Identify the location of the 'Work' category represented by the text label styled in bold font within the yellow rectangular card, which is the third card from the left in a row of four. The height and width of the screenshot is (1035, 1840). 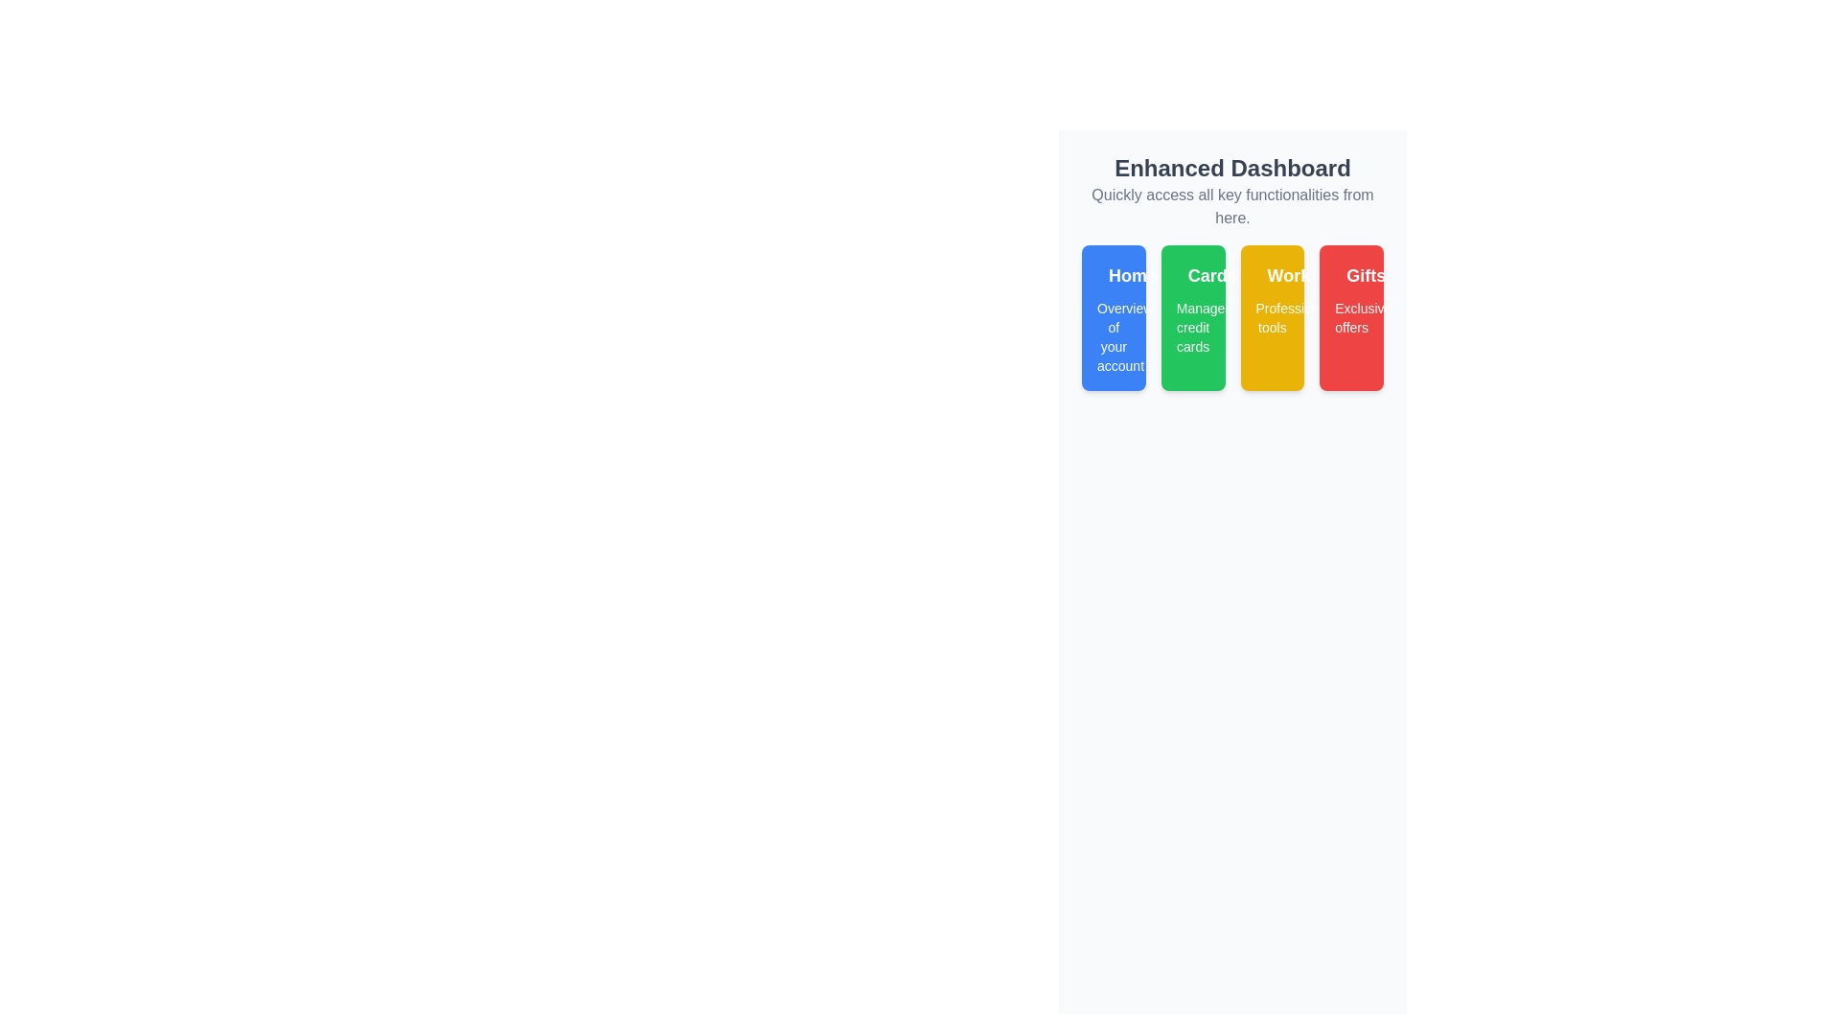
(1272, 276).